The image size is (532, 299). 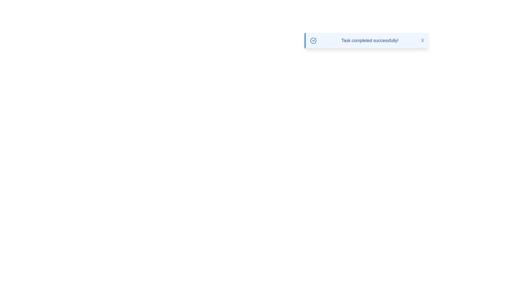 What do you see at coordinates (422, 40) in the screenshot?
I see `the close button to observe its hover effects` at bounding box center [422, 40].